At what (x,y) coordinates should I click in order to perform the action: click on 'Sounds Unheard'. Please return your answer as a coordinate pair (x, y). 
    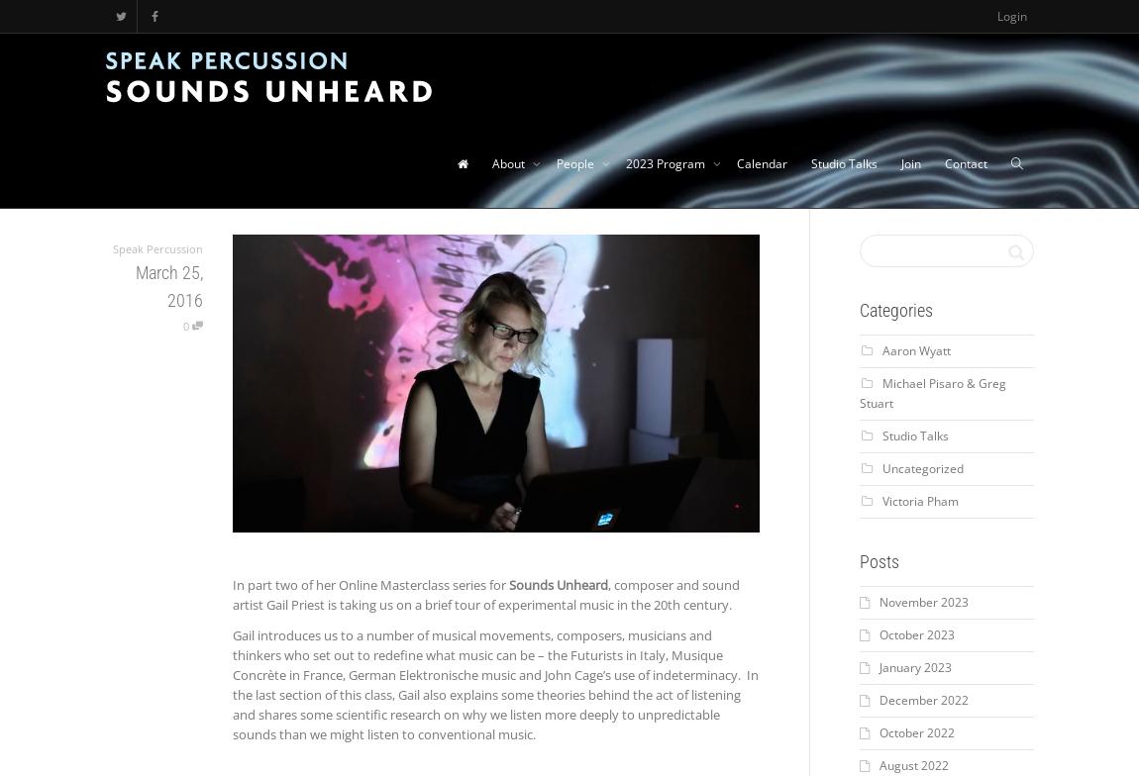
    Looking at the image, I should click on (558, 584).